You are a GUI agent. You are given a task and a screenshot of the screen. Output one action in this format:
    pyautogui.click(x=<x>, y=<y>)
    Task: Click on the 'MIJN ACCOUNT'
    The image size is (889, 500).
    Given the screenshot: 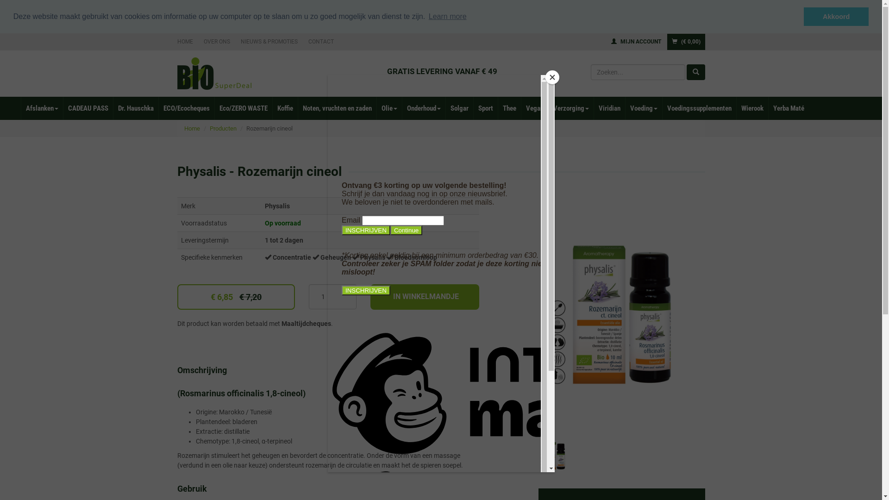 What is the action you would take?
    pyautogui.click(x=635, y=40)
    